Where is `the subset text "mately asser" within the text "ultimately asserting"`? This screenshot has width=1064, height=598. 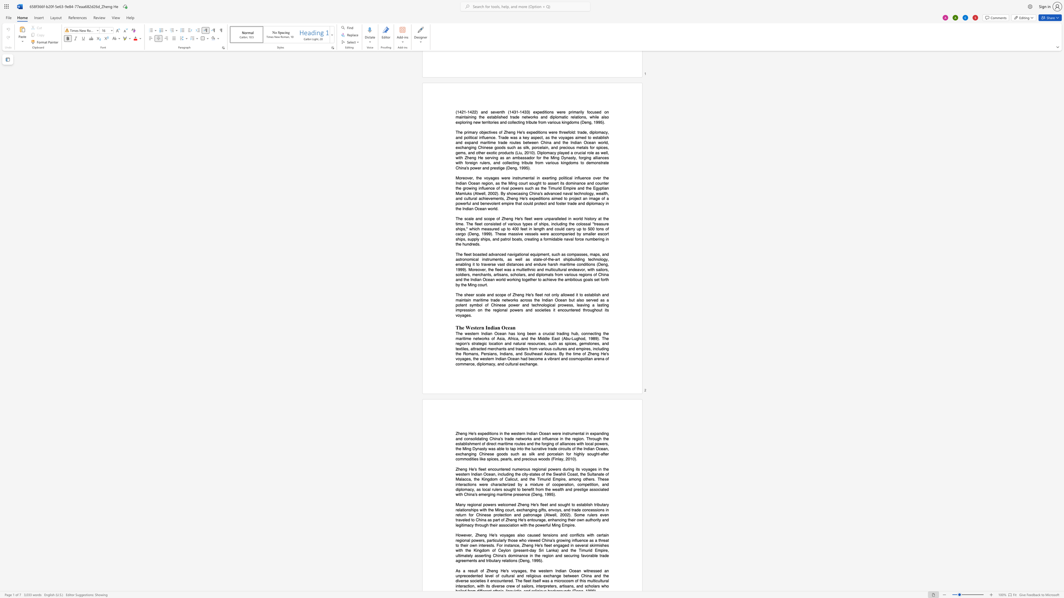
the subset text "mately asser" within the text "ultimately asserting" is located at coordinates (461, 555).